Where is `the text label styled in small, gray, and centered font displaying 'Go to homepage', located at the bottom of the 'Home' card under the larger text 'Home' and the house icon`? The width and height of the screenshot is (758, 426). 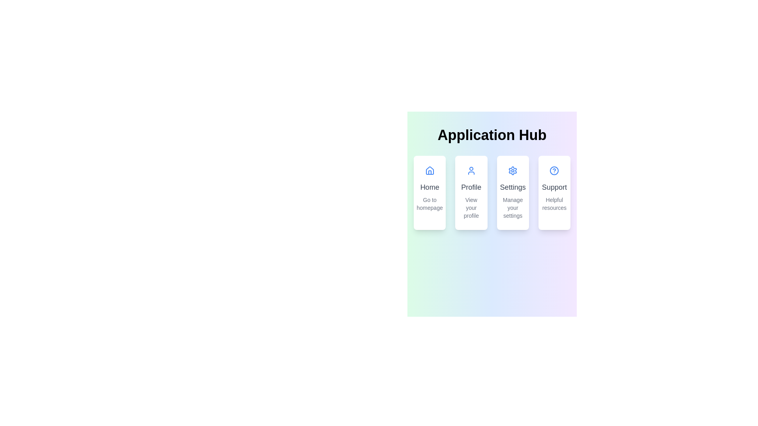 the text label styled in small, gray, and centered font displaying 'Go to homepage', located at the bottom of the 'Home' card under the larger text 'Home' and the house icon is located at coordinates (429, 203).